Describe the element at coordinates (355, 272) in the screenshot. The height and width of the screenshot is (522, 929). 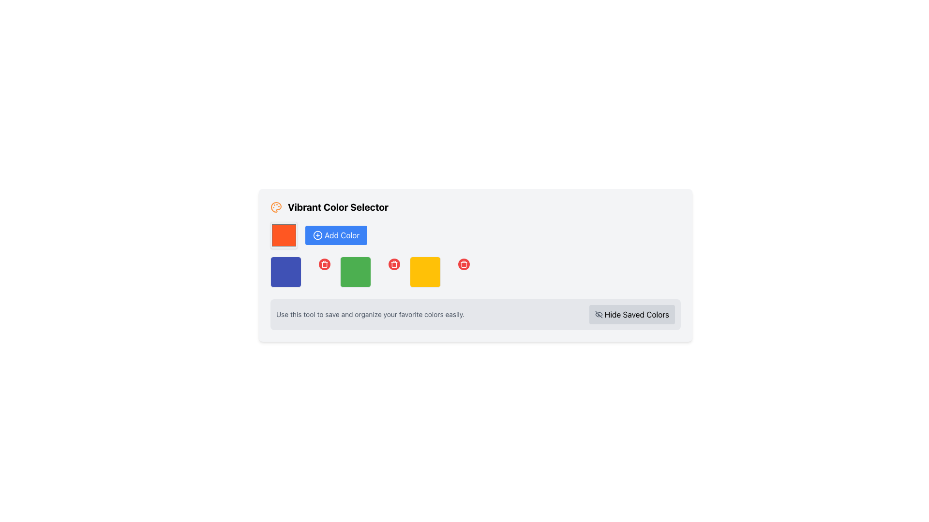
I see `the green color swatch located` at that location.